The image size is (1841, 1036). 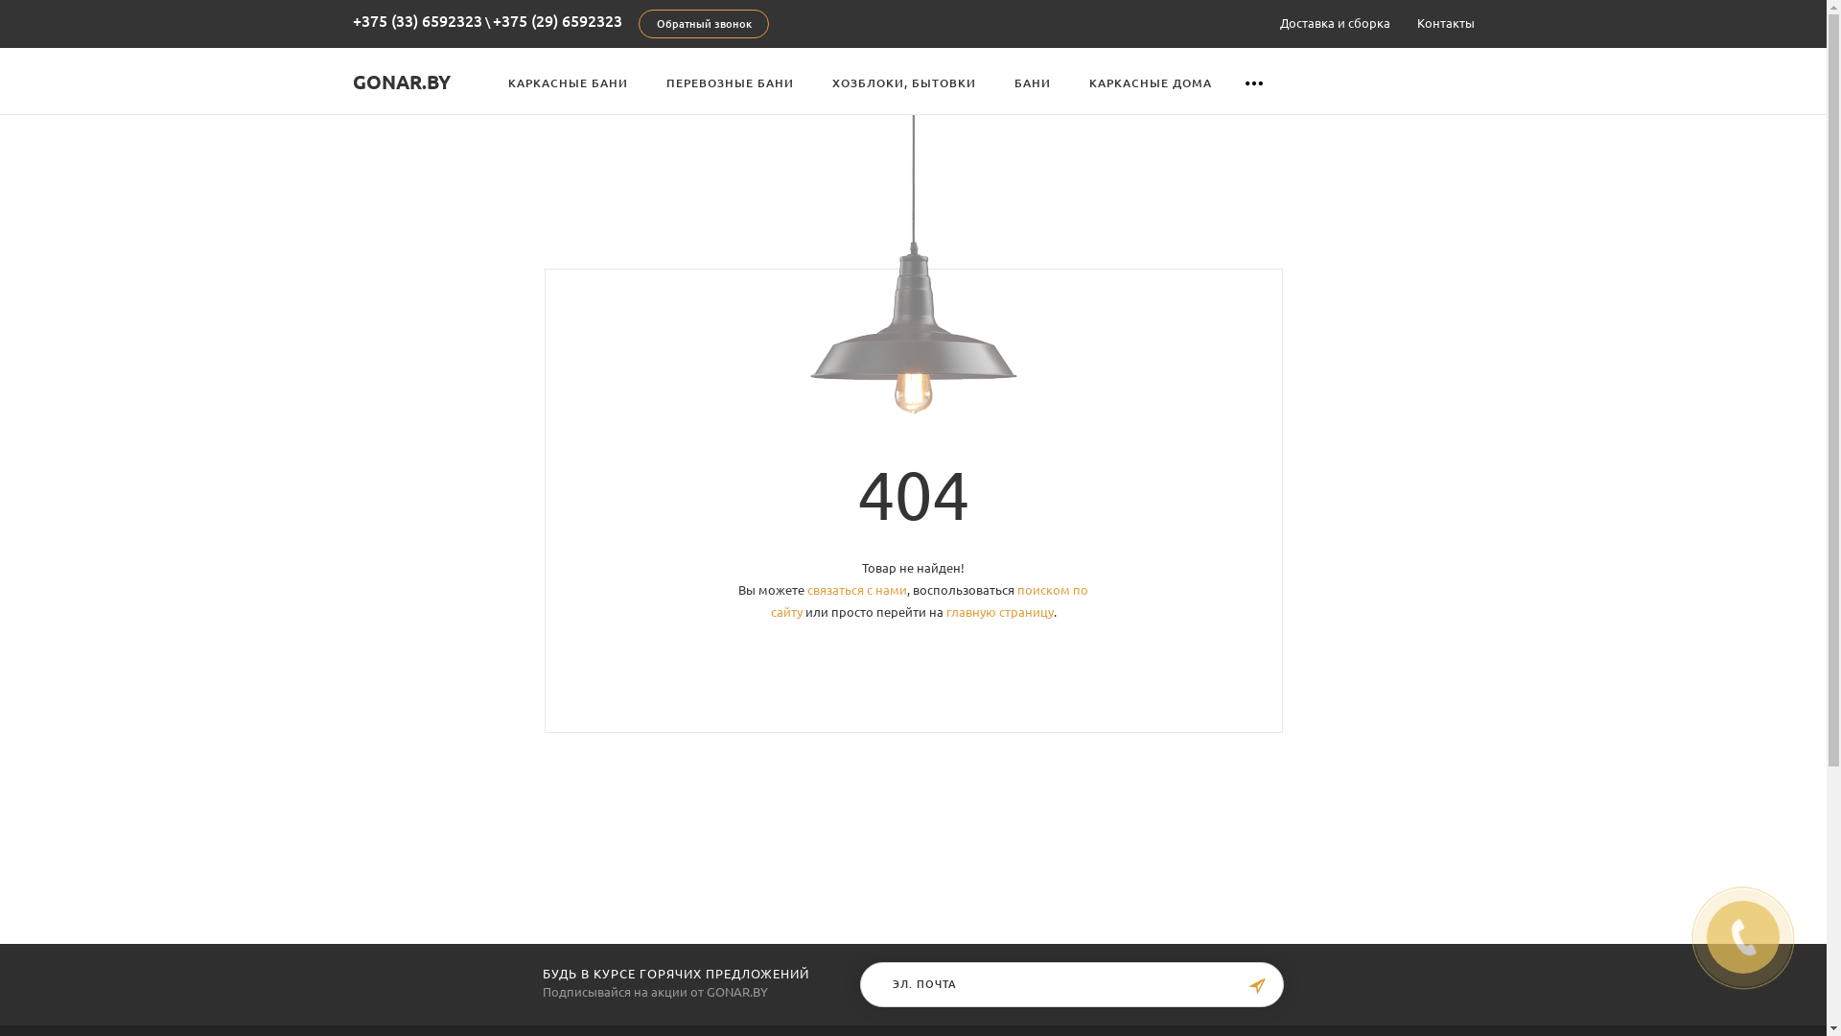 I want to click on 'GONAR.BY', so click(x=400, y=80).